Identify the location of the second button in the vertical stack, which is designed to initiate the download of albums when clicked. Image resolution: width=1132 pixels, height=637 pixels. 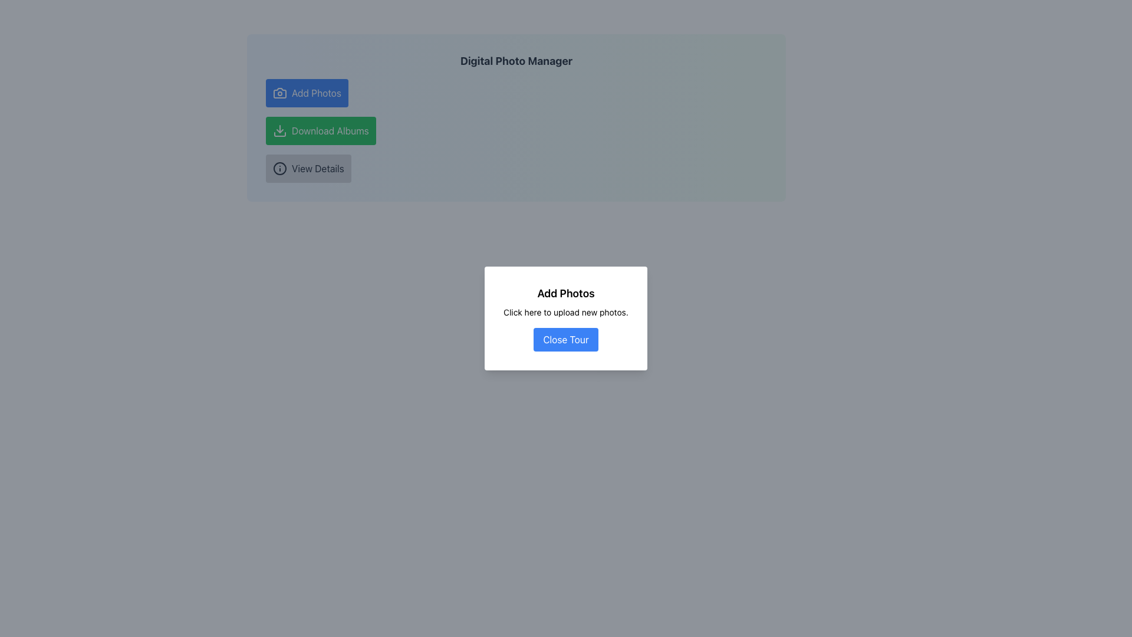
(321, 131).